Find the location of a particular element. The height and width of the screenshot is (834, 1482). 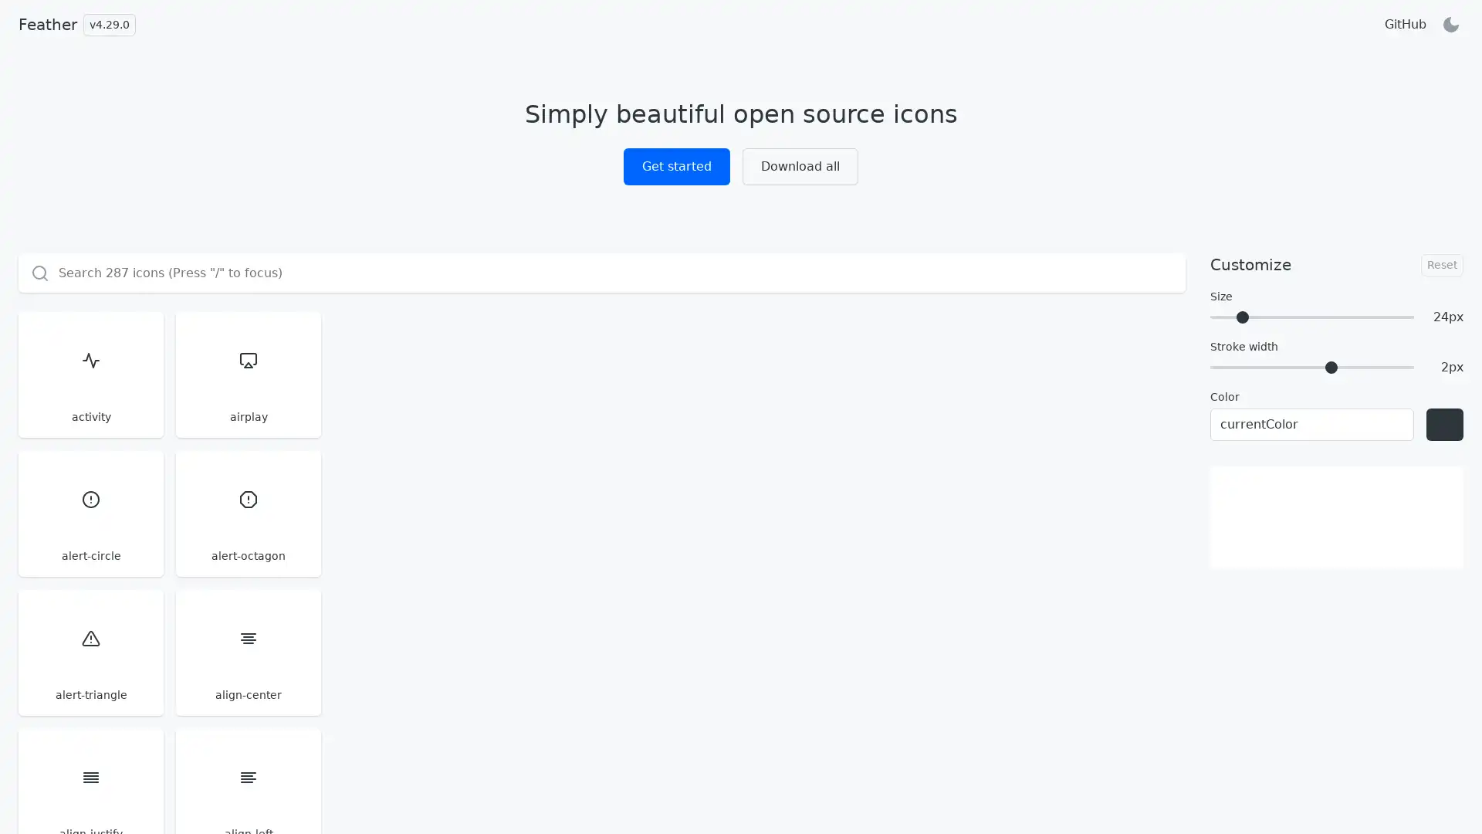

archive is located at coordinates (339, 513).